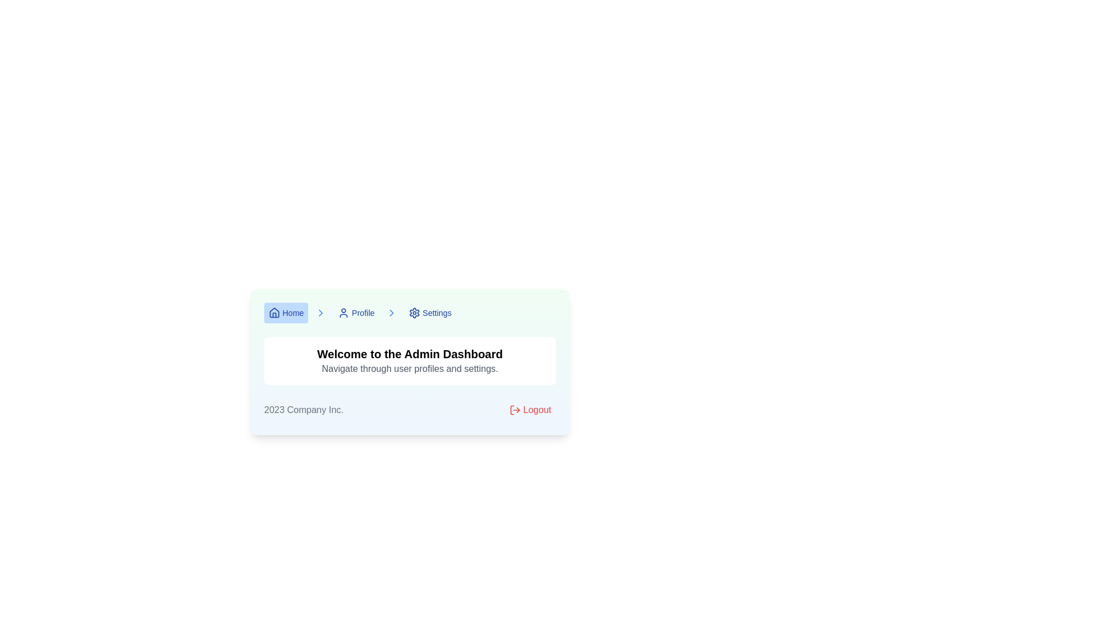  What do you see at coordinates (413, 312) in the screenshot?
I see `the gear icon representing the 'Settings' option located in the breadcrumb navigation layout` at bounding box center [413, 312].